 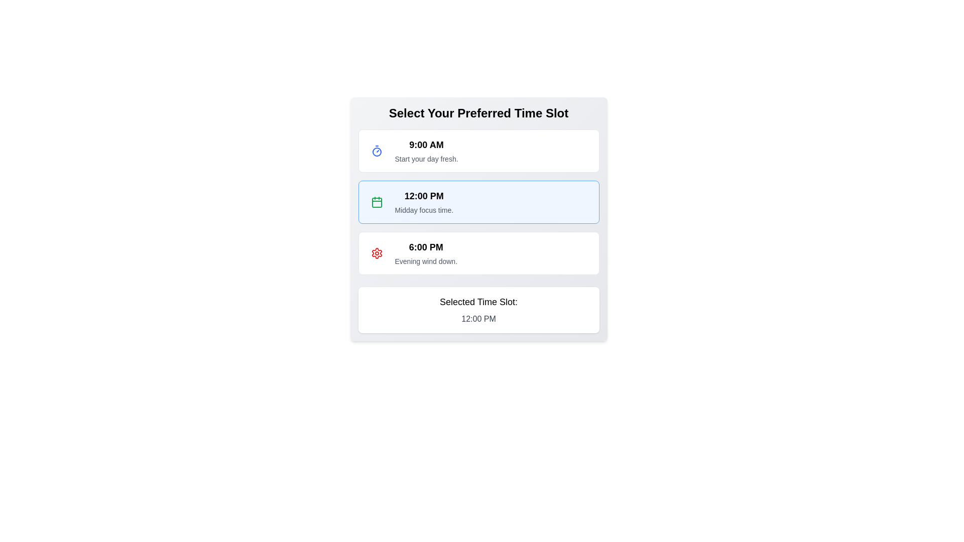 I want to click on the text label displaying '12:00 PM' in gray color within the 'Selected Time Slot' section, so click(x=478, y=319).